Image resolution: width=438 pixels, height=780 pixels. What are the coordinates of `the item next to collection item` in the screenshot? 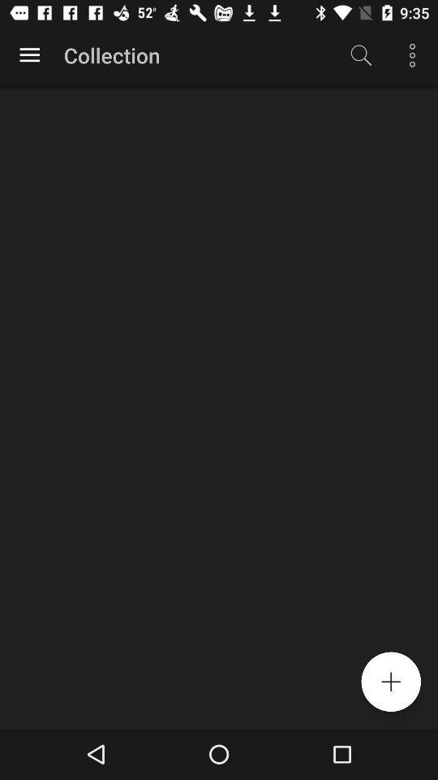 It's located at (361, 55).